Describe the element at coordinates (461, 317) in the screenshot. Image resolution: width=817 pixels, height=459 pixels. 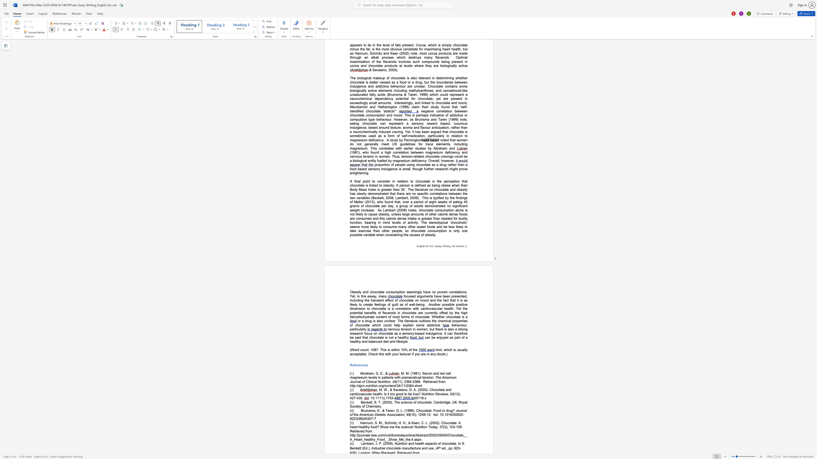
I see `the subset text "is a" within the text "Whether chocolate is a"` at that location.